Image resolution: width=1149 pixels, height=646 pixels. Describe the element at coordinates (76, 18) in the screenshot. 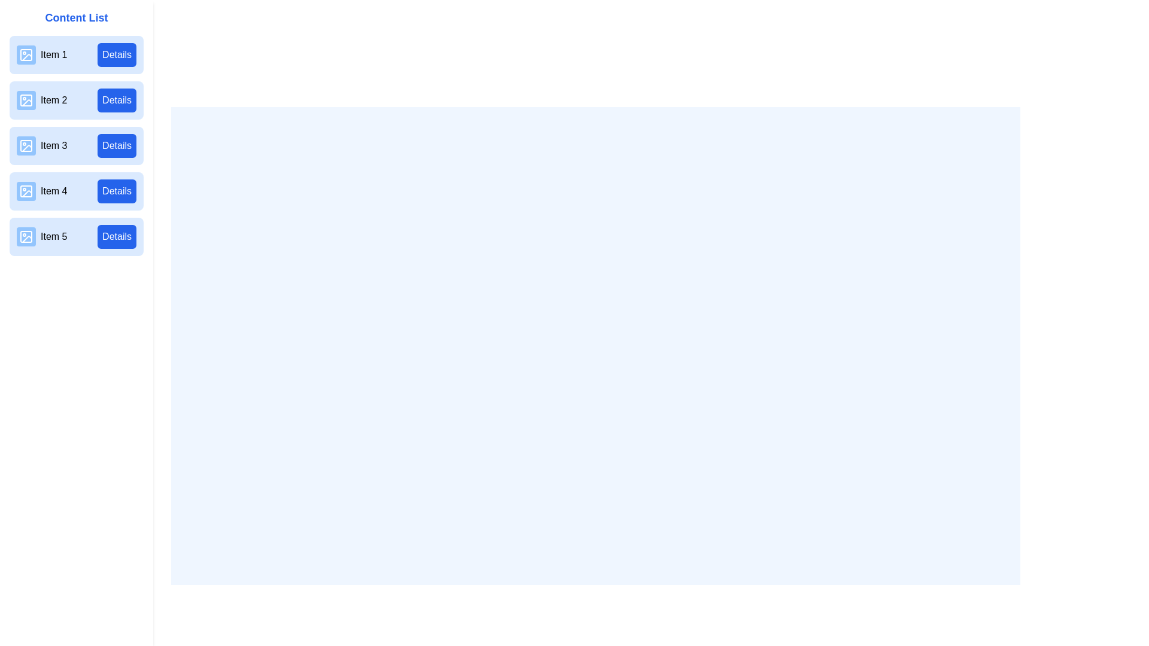

I see `the 'Content List' heading element styled in bold, large blue font located at the top of the left-side panel in the sidebar` at that location.